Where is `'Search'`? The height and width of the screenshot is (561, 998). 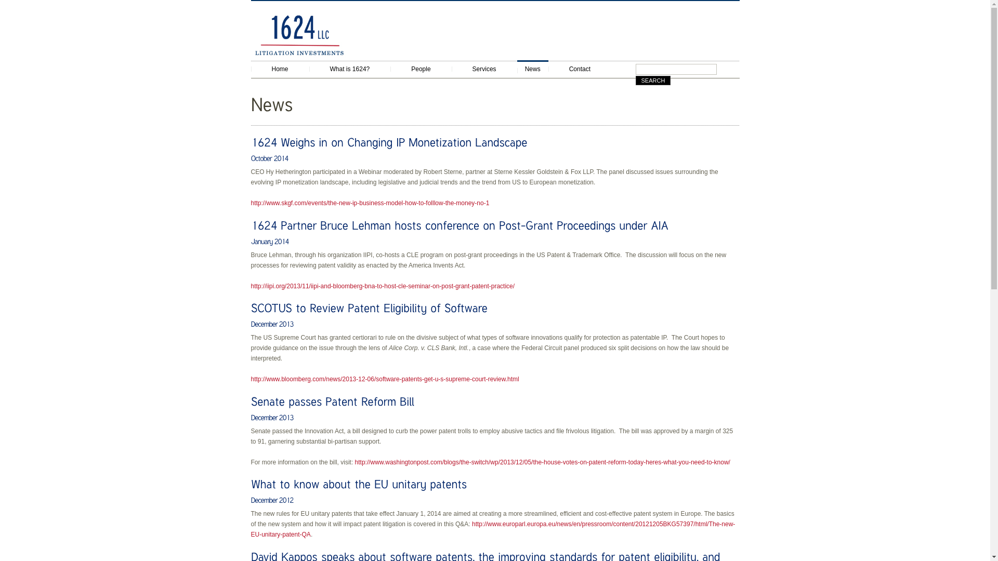 'Search' is located at coordinates (652, 79).